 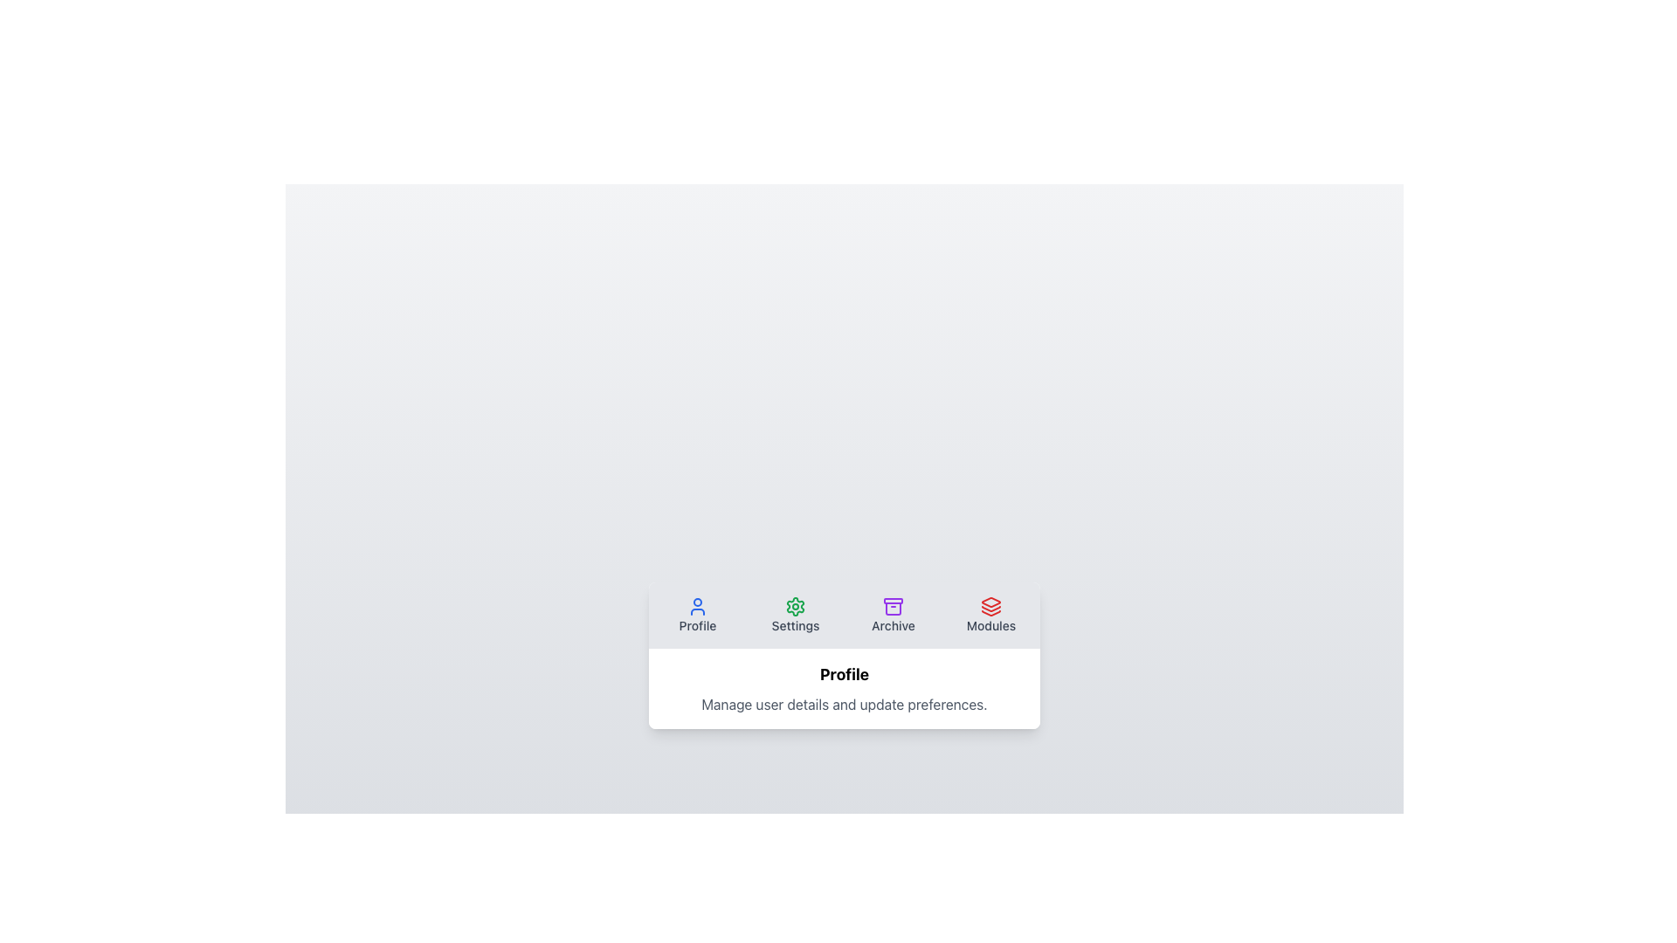 What do you see at coordinates (696, 625) in the screenshot?
I see `the Text label that indicates user profile management or settings, located directly below the corresponding icon in the leftmost position of the horizontal navigation bar` at bounding box center [696, 625].